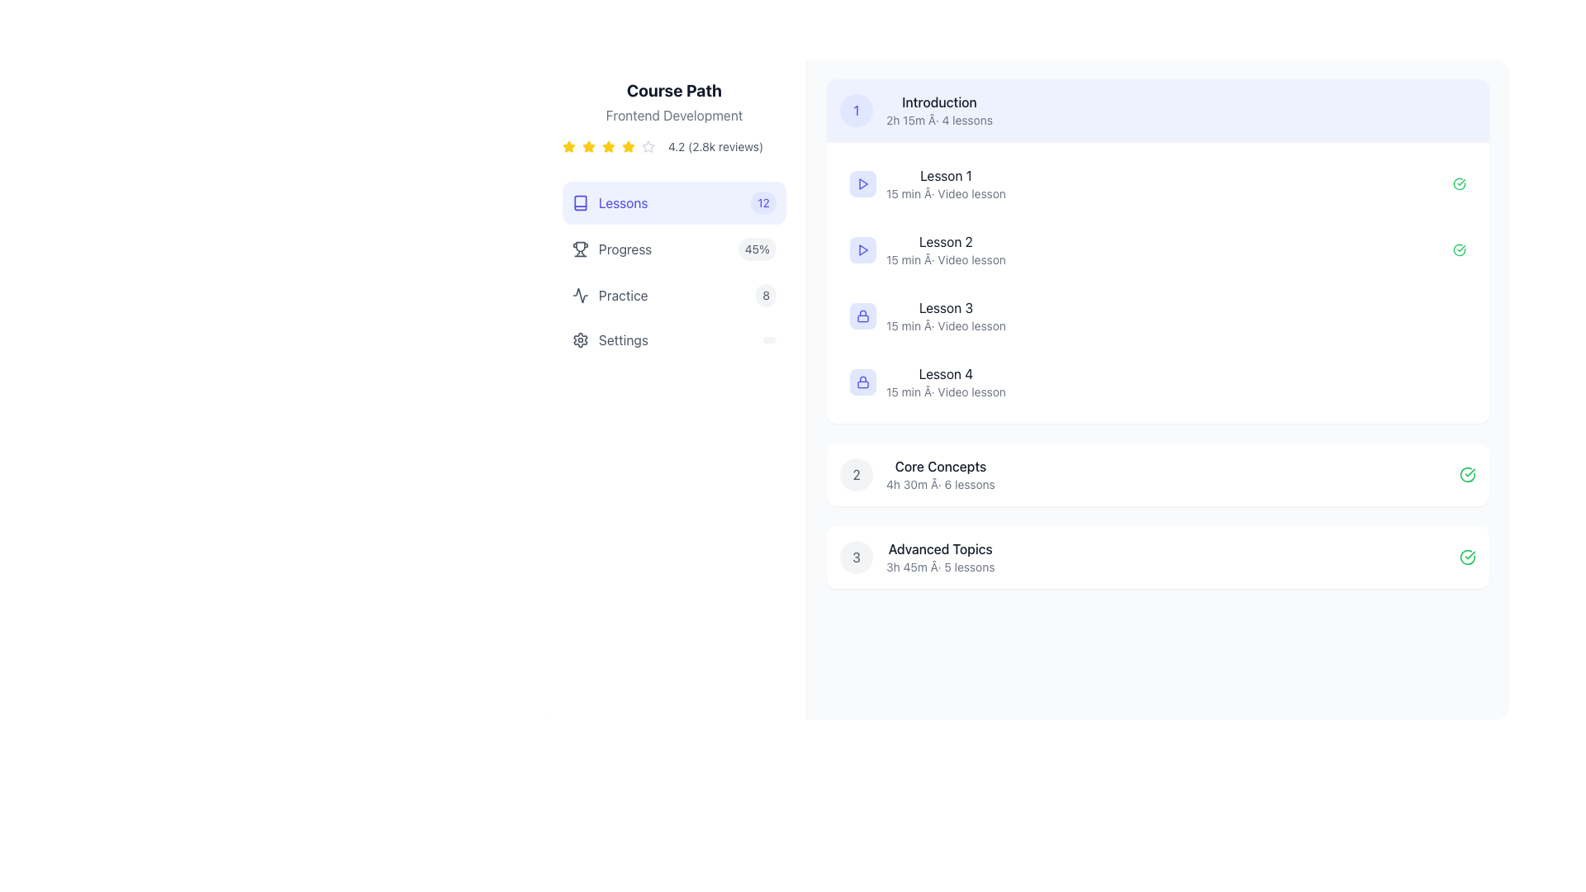 The width and height of the screenshot is (1586, 892). Describe the element at coordinates (856, 474) in the screenshot. I see `numeral displayed in the Number indicator that serves as a step reference for the 'Core Concepts' section, located to the left of its associated text` at that location.